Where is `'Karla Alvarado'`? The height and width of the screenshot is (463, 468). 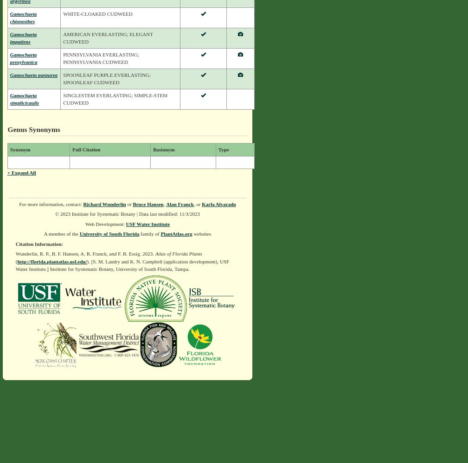
'Karla Alvarado' is located at coordinates (218, 203).